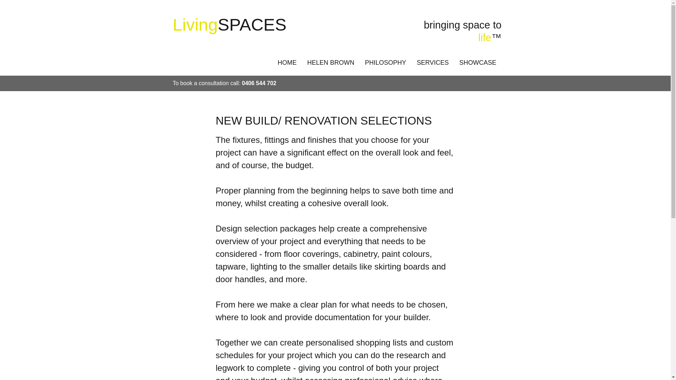 This screenshot has height=380, width=676. I want to click on 'LivingSPACES', so click(229, 24).